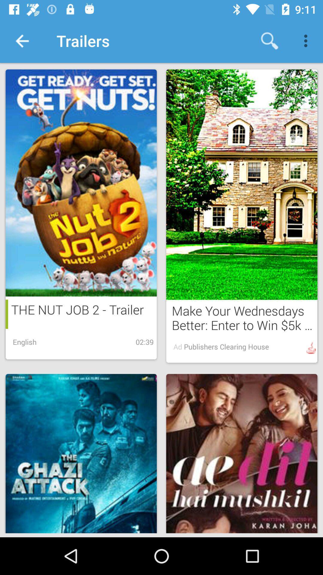  Describe the element at coordinates (22, 40) in the screenshot. I see `icon to the left of trailers  item` at that location.